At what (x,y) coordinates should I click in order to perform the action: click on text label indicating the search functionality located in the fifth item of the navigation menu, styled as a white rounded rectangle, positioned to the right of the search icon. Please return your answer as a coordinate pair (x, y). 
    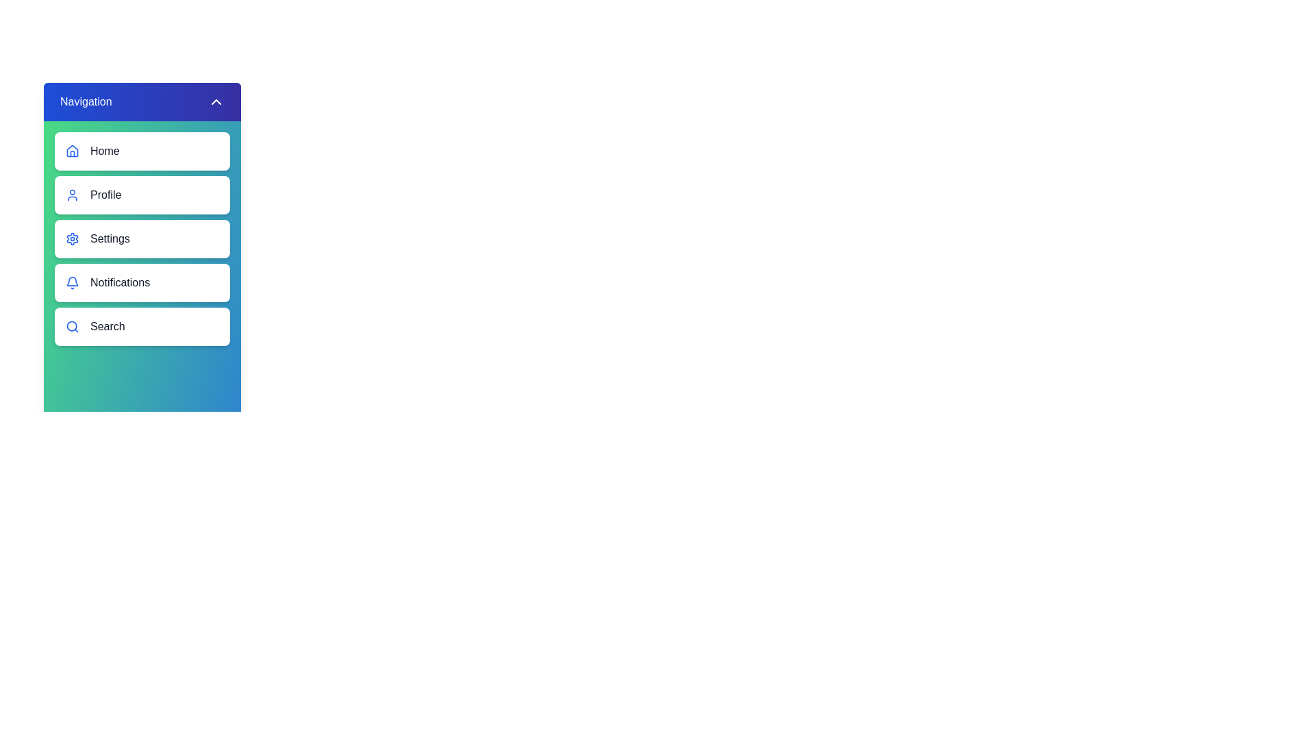
    Looking at the image, I should click on (107, 327).